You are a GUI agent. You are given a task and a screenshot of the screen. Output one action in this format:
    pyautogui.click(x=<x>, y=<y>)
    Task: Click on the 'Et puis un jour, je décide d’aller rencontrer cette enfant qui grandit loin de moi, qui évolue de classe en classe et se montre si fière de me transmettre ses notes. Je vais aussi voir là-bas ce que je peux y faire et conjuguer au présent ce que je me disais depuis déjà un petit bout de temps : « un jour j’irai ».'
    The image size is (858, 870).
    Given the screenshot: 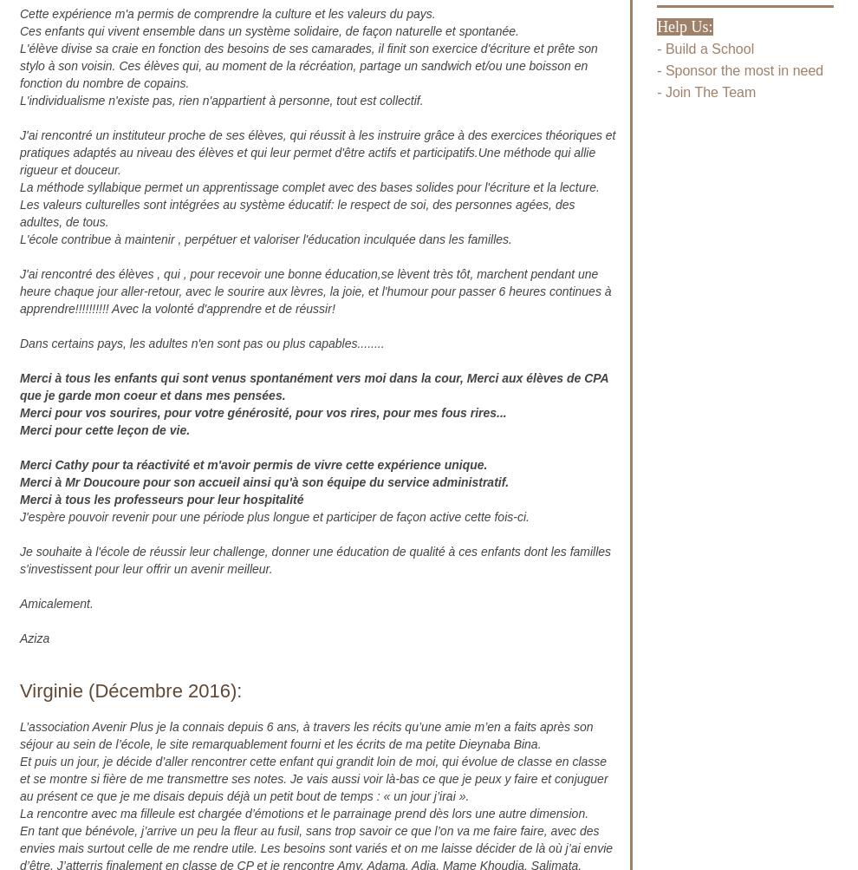 What is the action you would take?
    pyautogui.click(x=314, y=778)
    